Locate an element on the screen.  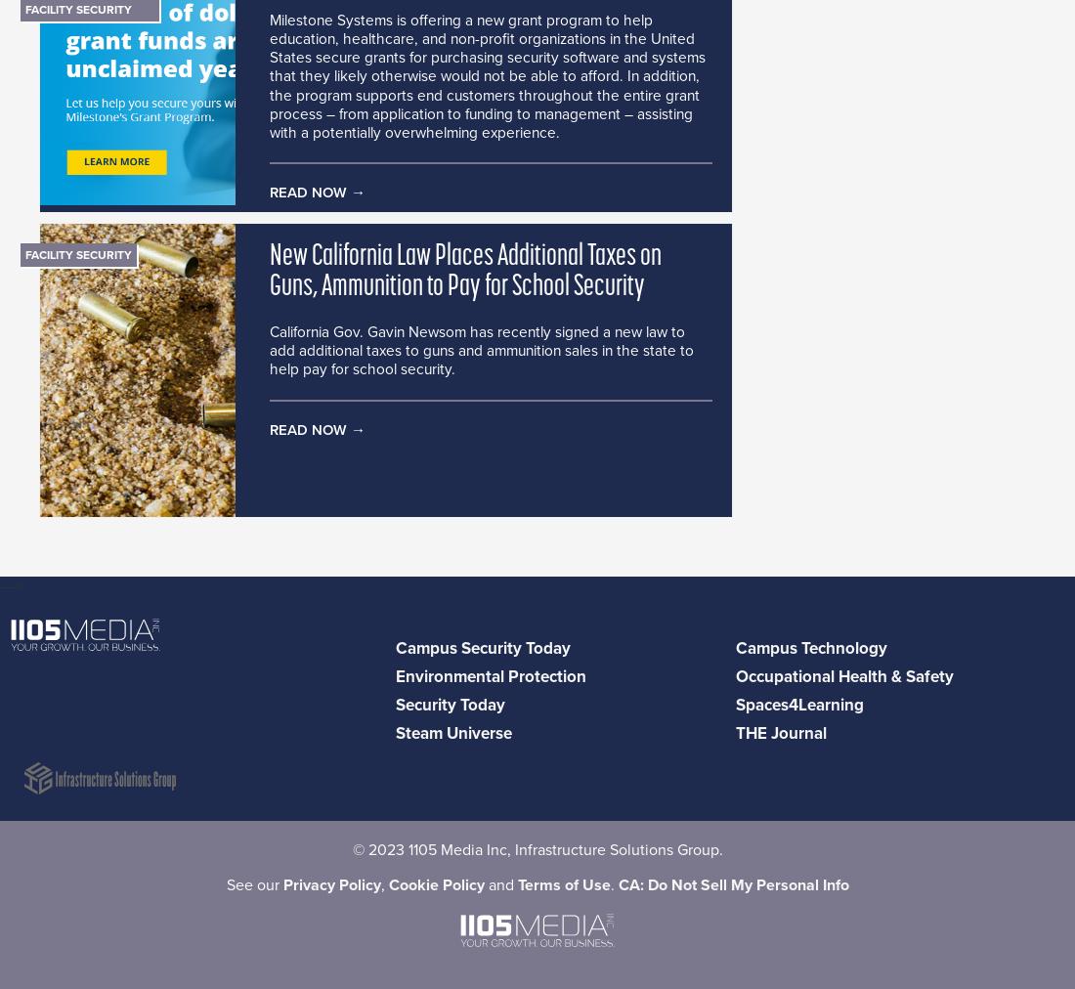
'CA: Do Not Sell My Personal Info' is located at coordinates (731, 885).